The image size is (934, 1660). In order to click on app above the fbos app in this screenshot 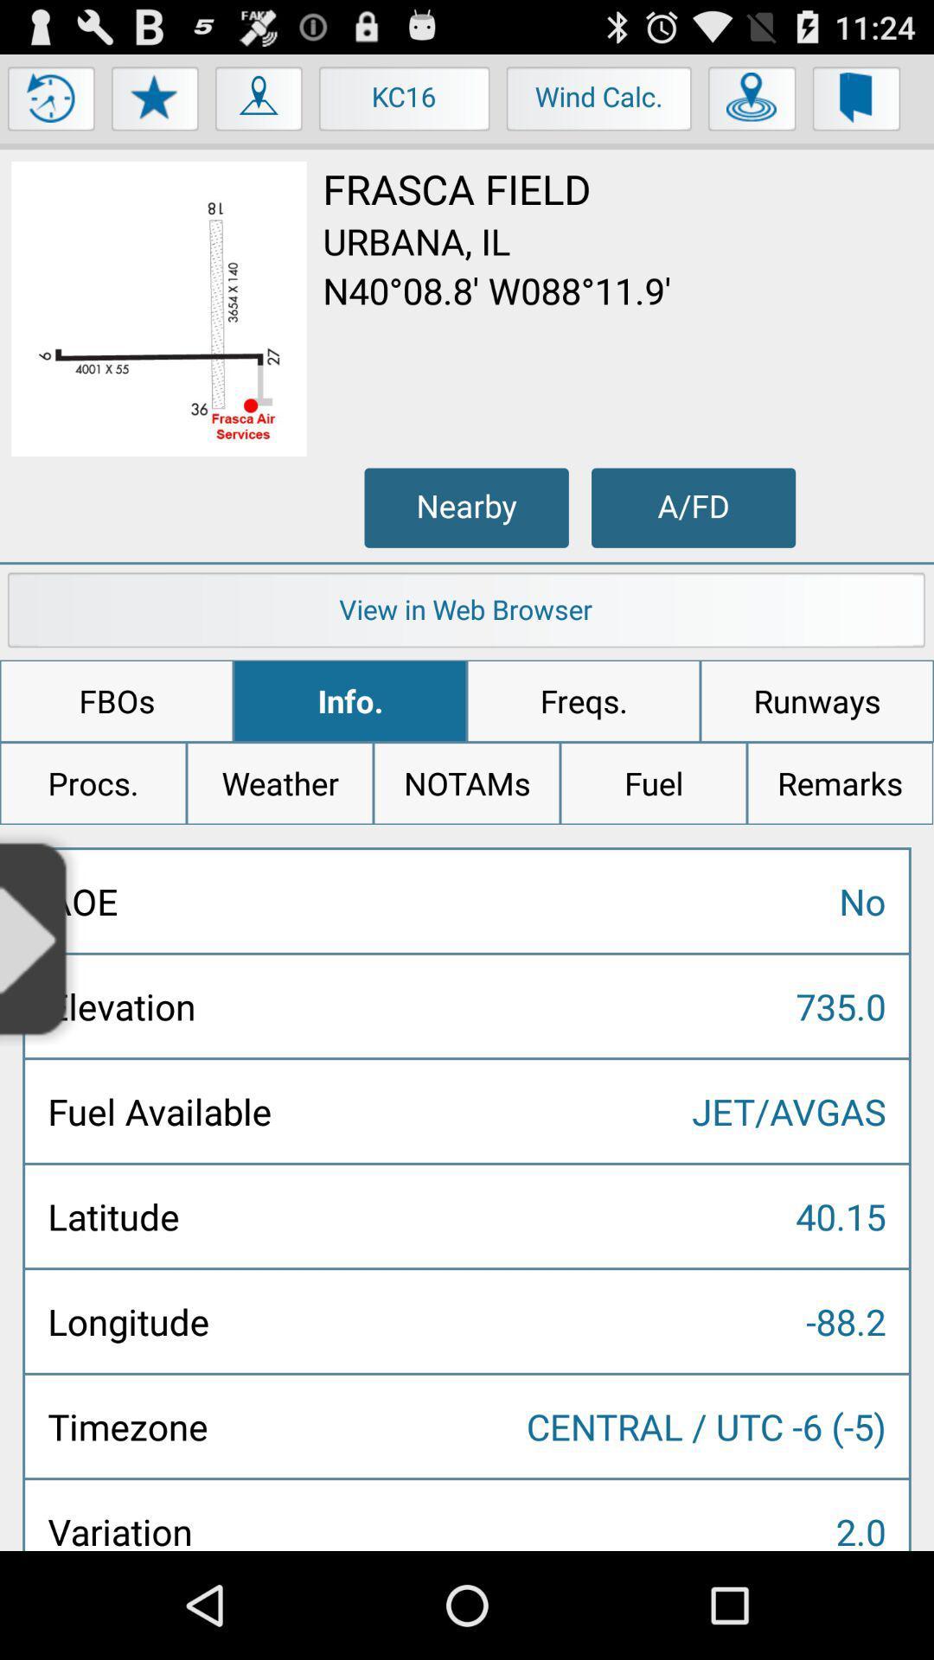, I will do `click(467, 614)`.